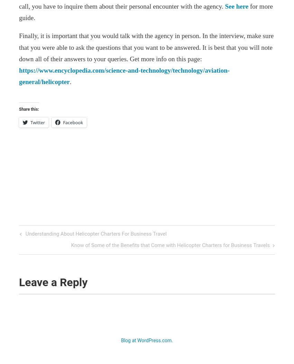  Describe the element at coordinates (37, 122) in the screenshot. I see `'Twitter'` at that location.